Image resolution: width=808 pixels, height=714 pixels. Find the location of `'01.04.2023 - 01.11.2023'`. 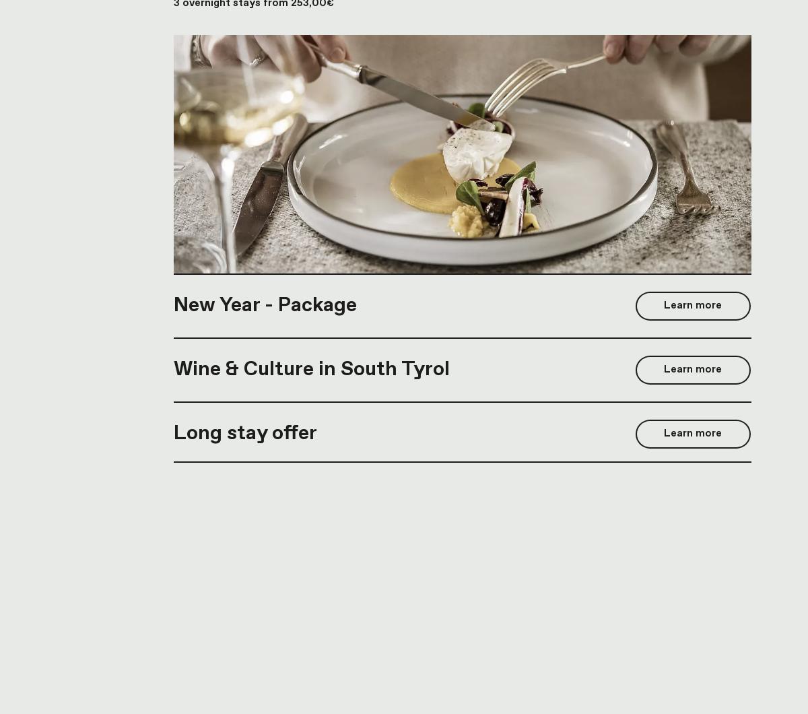

'01.04.2023 - 01.11.2023' is located at coordinates (232, 408).